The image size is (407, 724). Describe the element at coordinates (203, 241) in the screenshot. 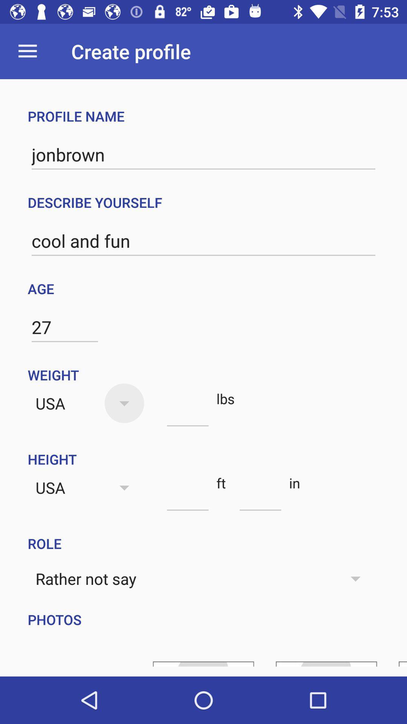

I see `the cool and fun item` at that location.